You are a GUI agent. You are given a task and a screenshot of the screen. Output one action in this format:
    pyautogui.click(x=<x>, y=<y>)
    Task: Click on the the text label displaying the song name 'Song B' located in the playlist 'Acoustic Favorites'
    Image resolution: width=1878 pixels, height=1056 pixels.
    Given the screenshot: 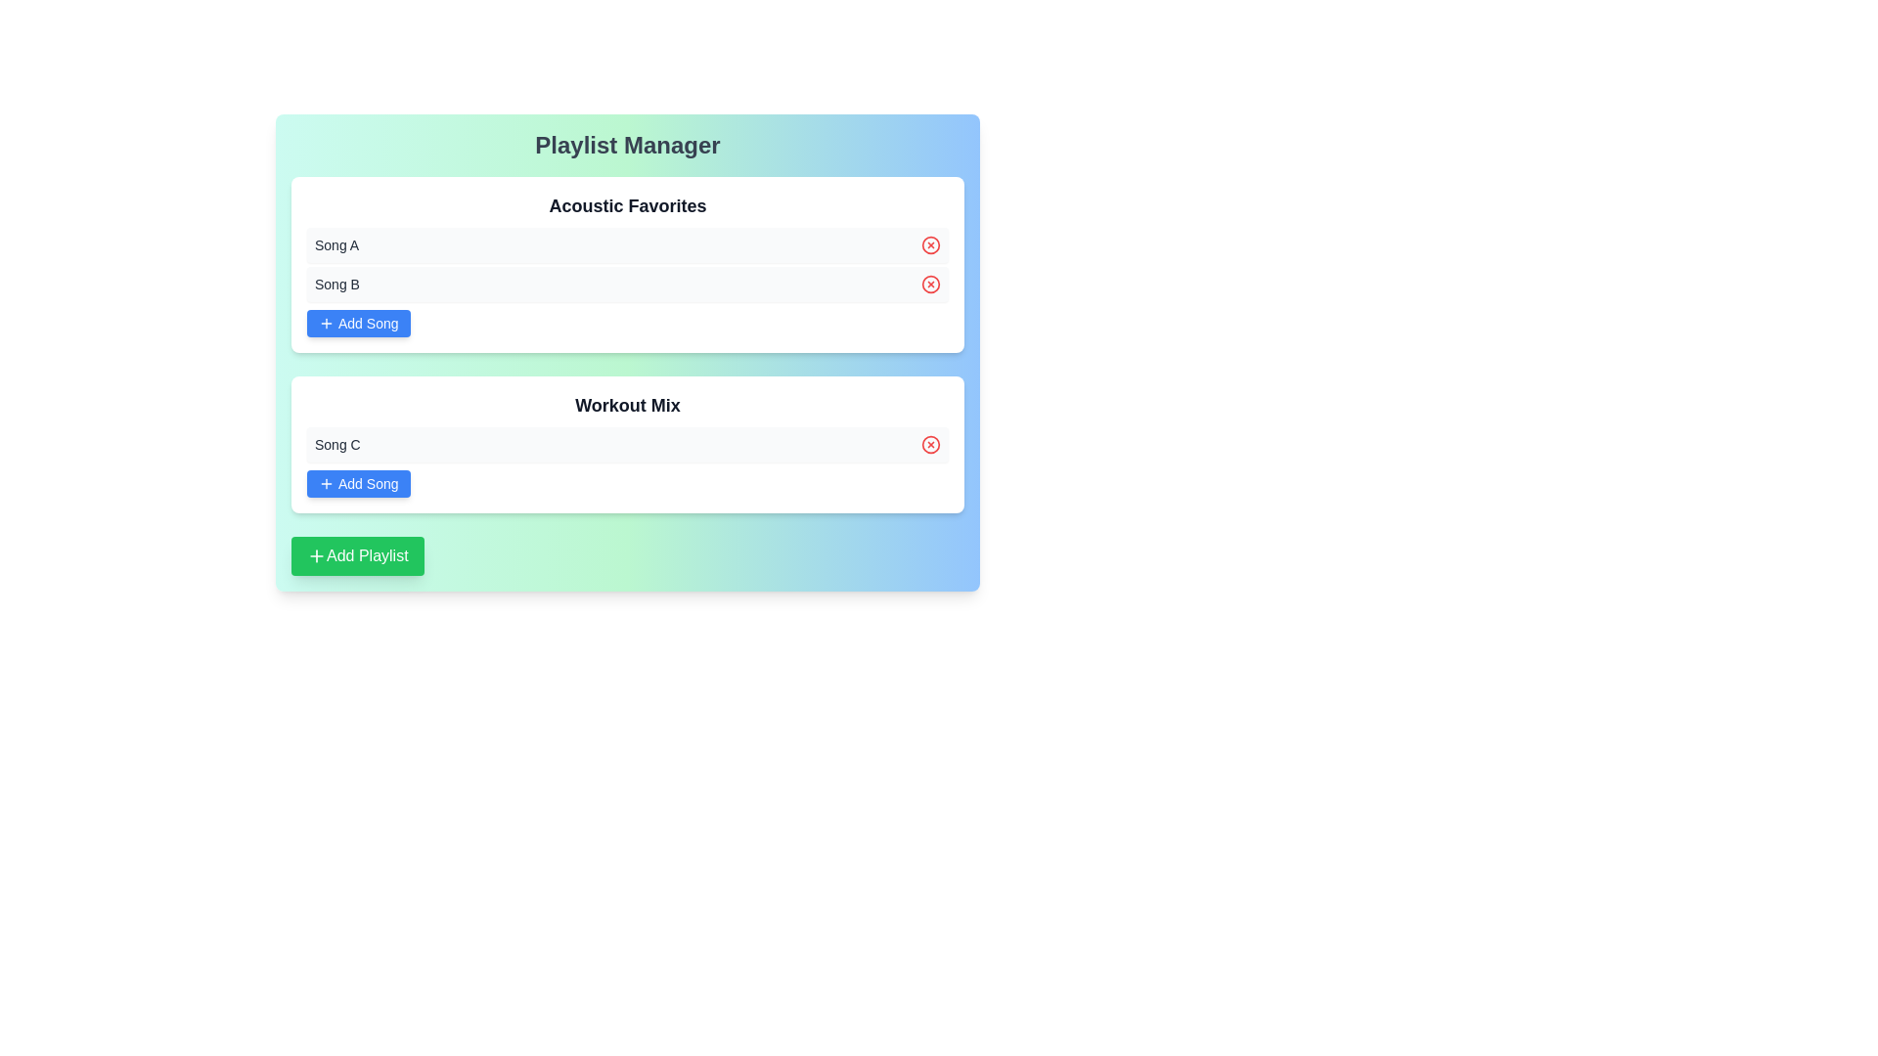 What is the action you would take?
    pyautogui.click(x=337, y=284)
    